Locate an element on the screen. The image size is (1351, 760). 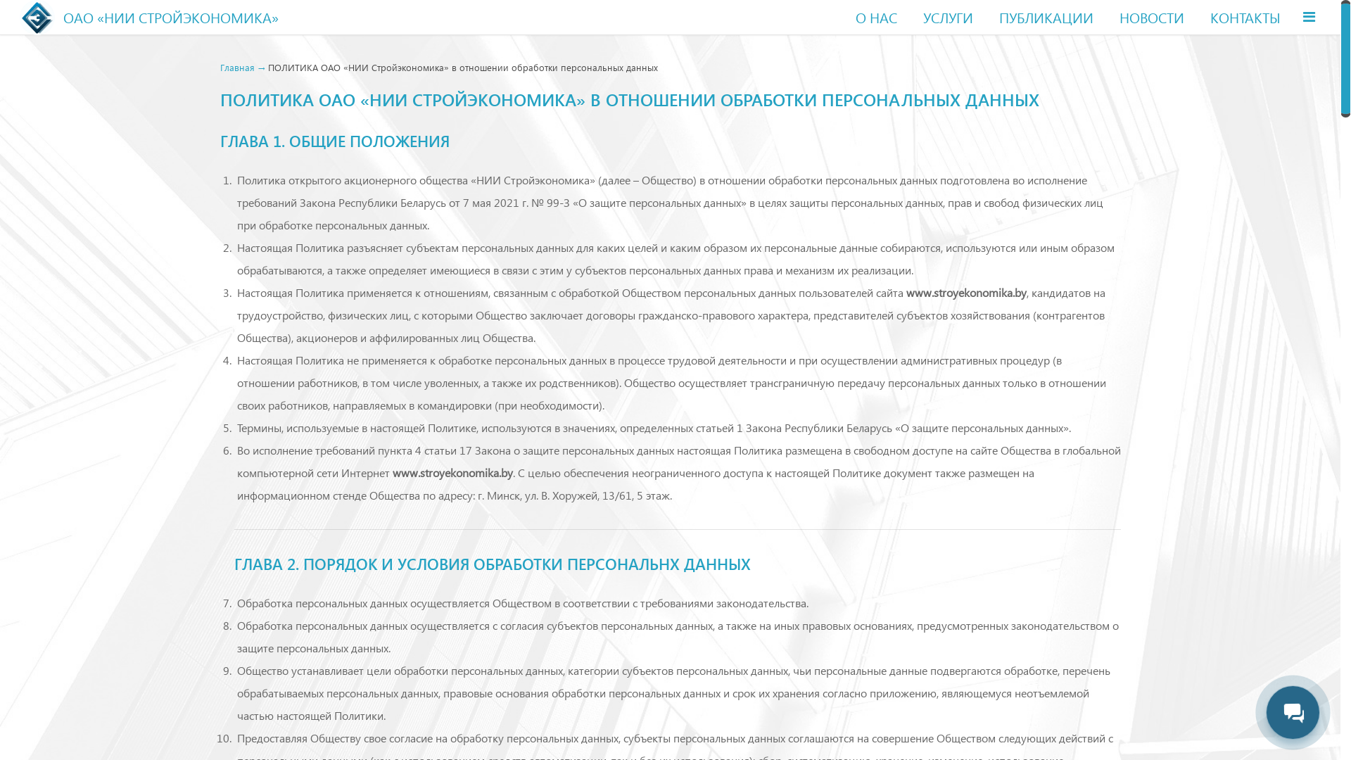
'MENU' is located at coordinates (1294, 16).